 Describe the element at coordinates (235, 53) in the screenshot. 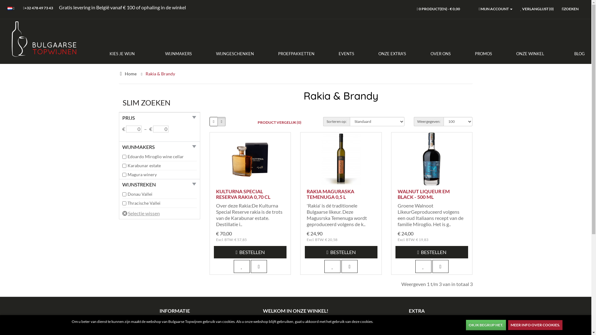

I see `'WIJNGESCHENKEN'` at that location.